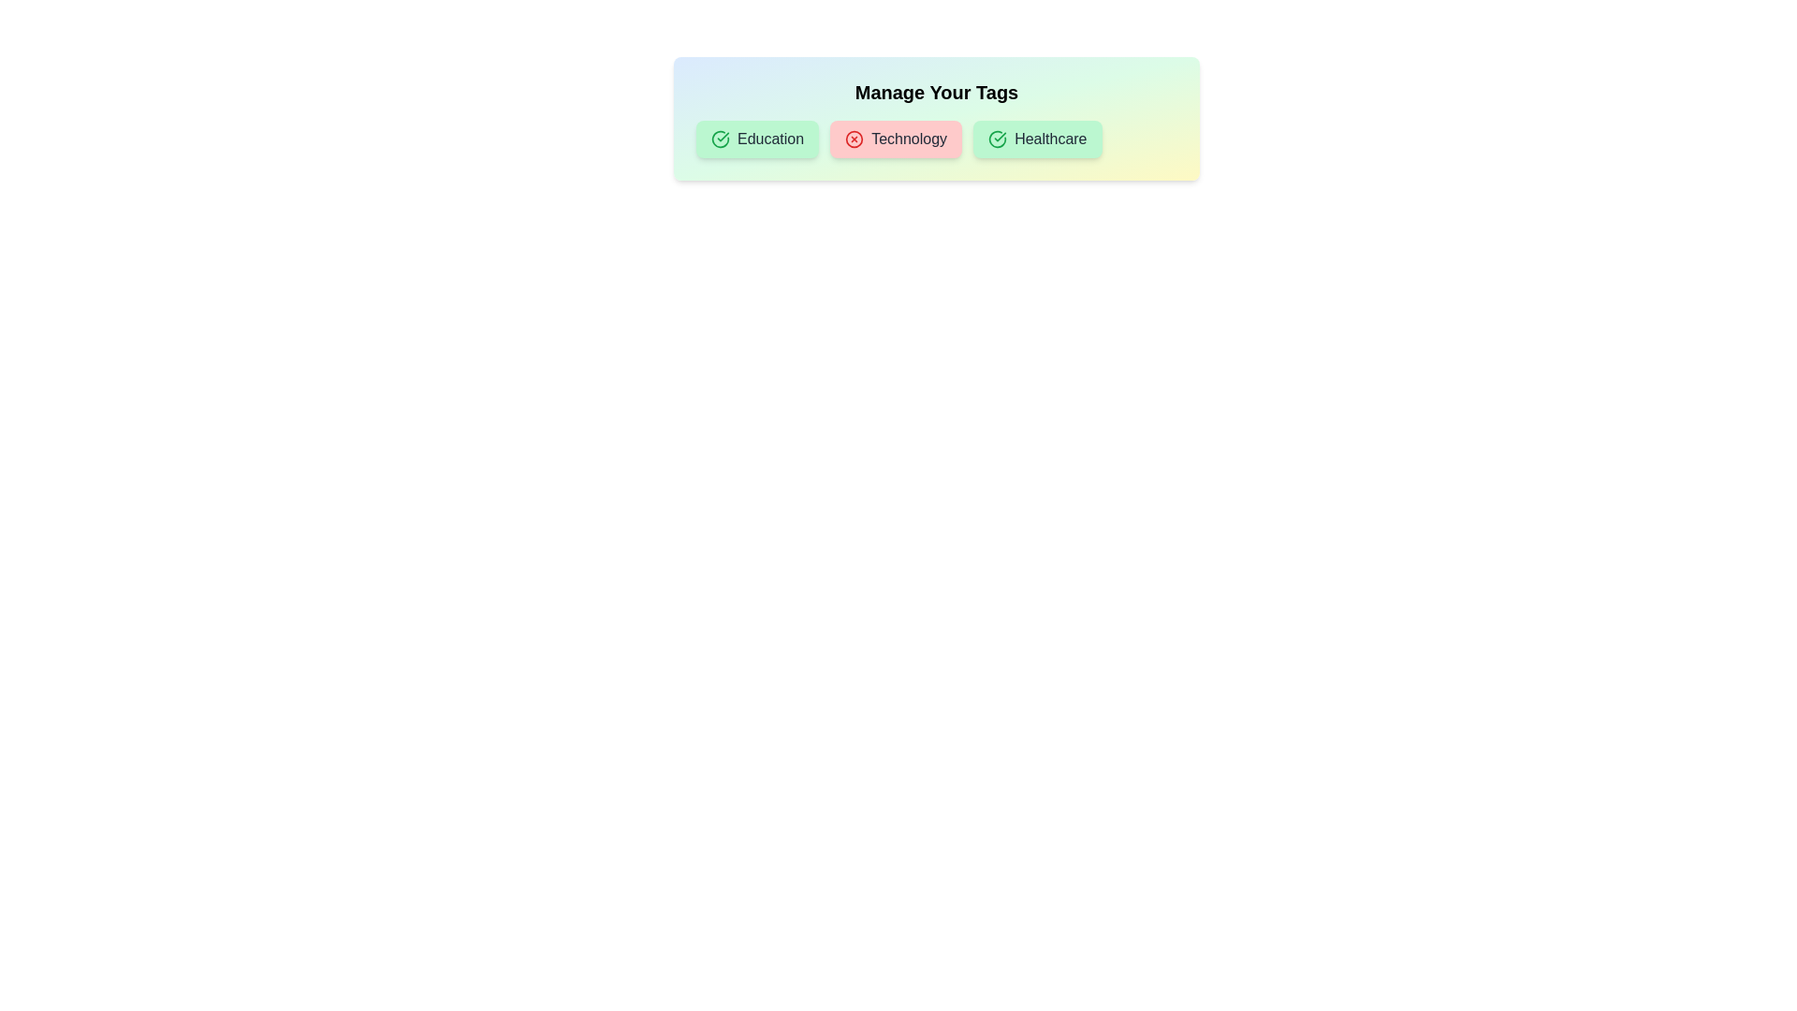  What do you see at coordinates (757, 139) in the screenshot?
I see `the tag labeled Education to observe its visual feedback` at bounding box center [757, 139].